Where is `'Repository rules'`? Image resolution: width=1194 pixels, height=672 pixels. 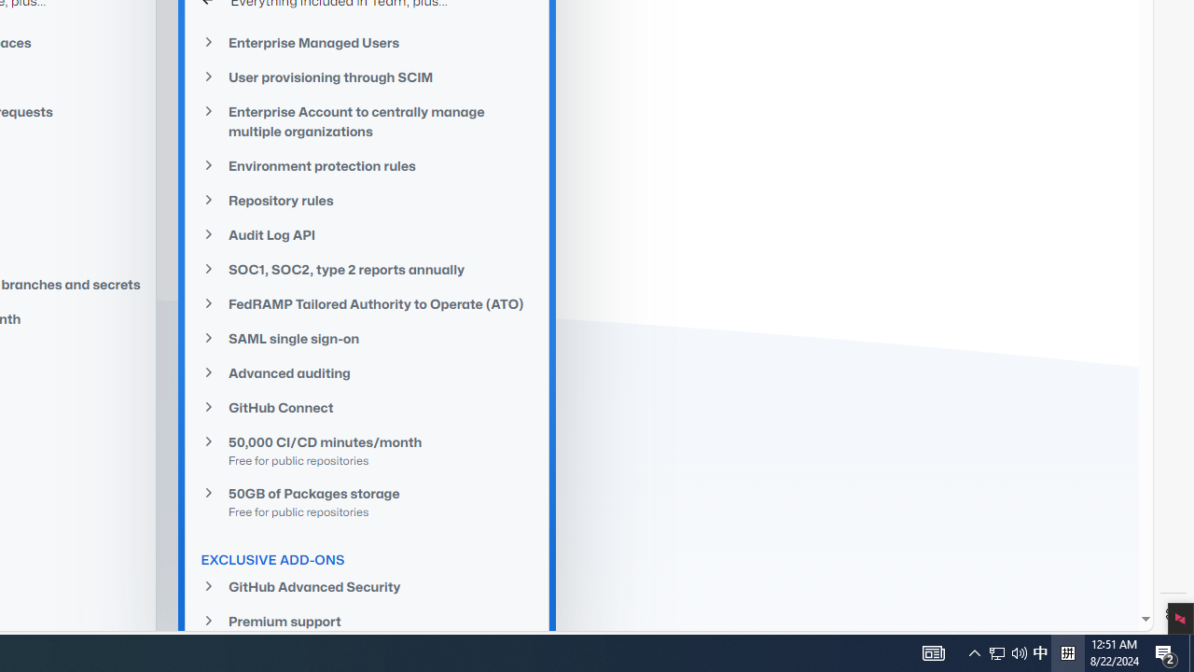 'Repository rules' is located at coordinates (368, 200).